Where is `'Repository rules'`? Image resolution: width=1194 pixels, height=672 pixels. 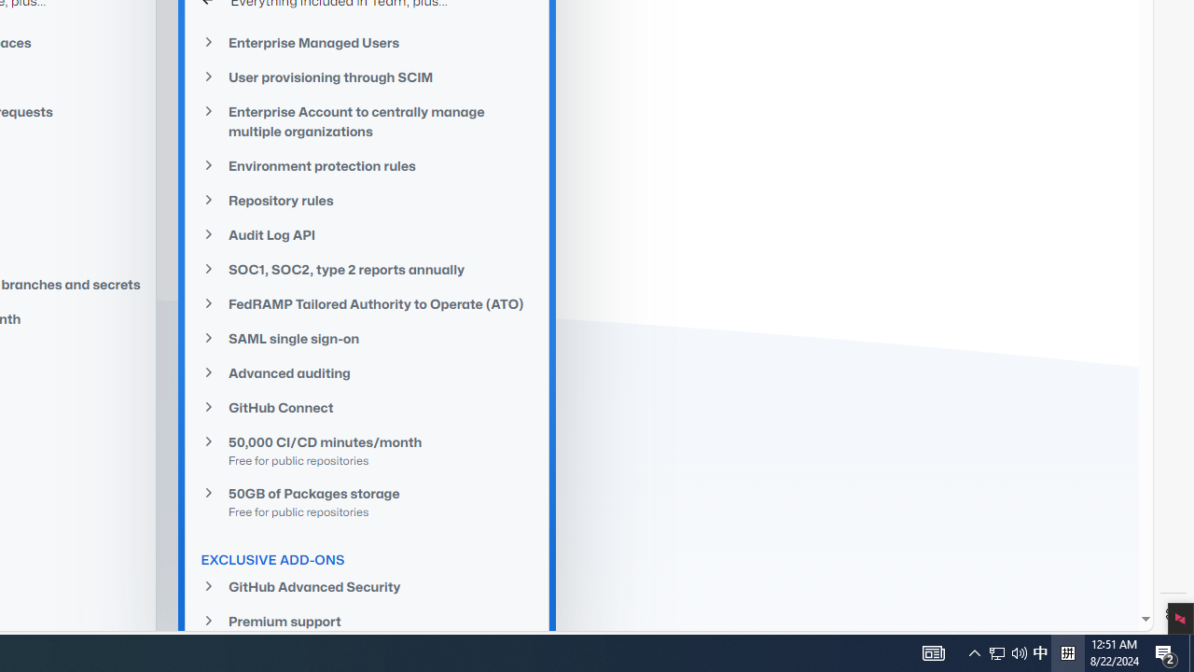 'Repository rules' is located at coordinates (368, 200).